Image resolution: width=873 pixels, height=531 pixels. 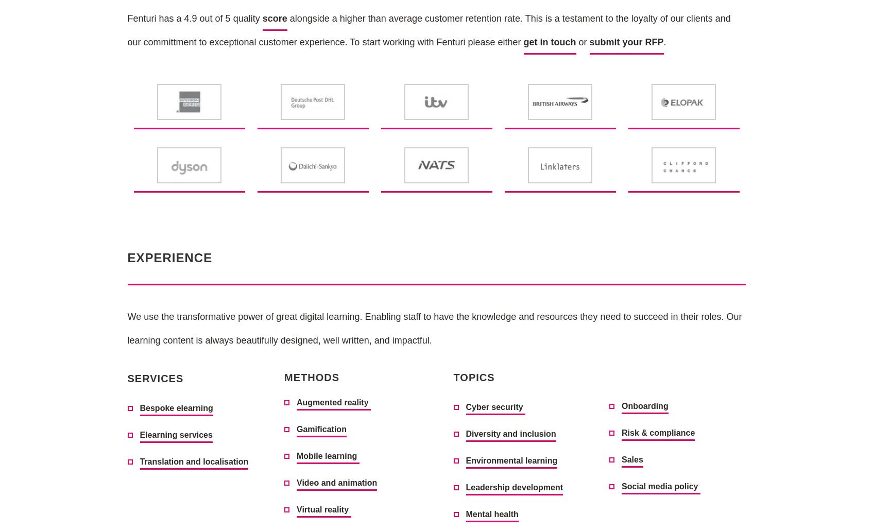 What do you see at coordinates (510, 434) in the screenshot?
I see `'Diversity and inclusion'` at bounding box center [510, 434].